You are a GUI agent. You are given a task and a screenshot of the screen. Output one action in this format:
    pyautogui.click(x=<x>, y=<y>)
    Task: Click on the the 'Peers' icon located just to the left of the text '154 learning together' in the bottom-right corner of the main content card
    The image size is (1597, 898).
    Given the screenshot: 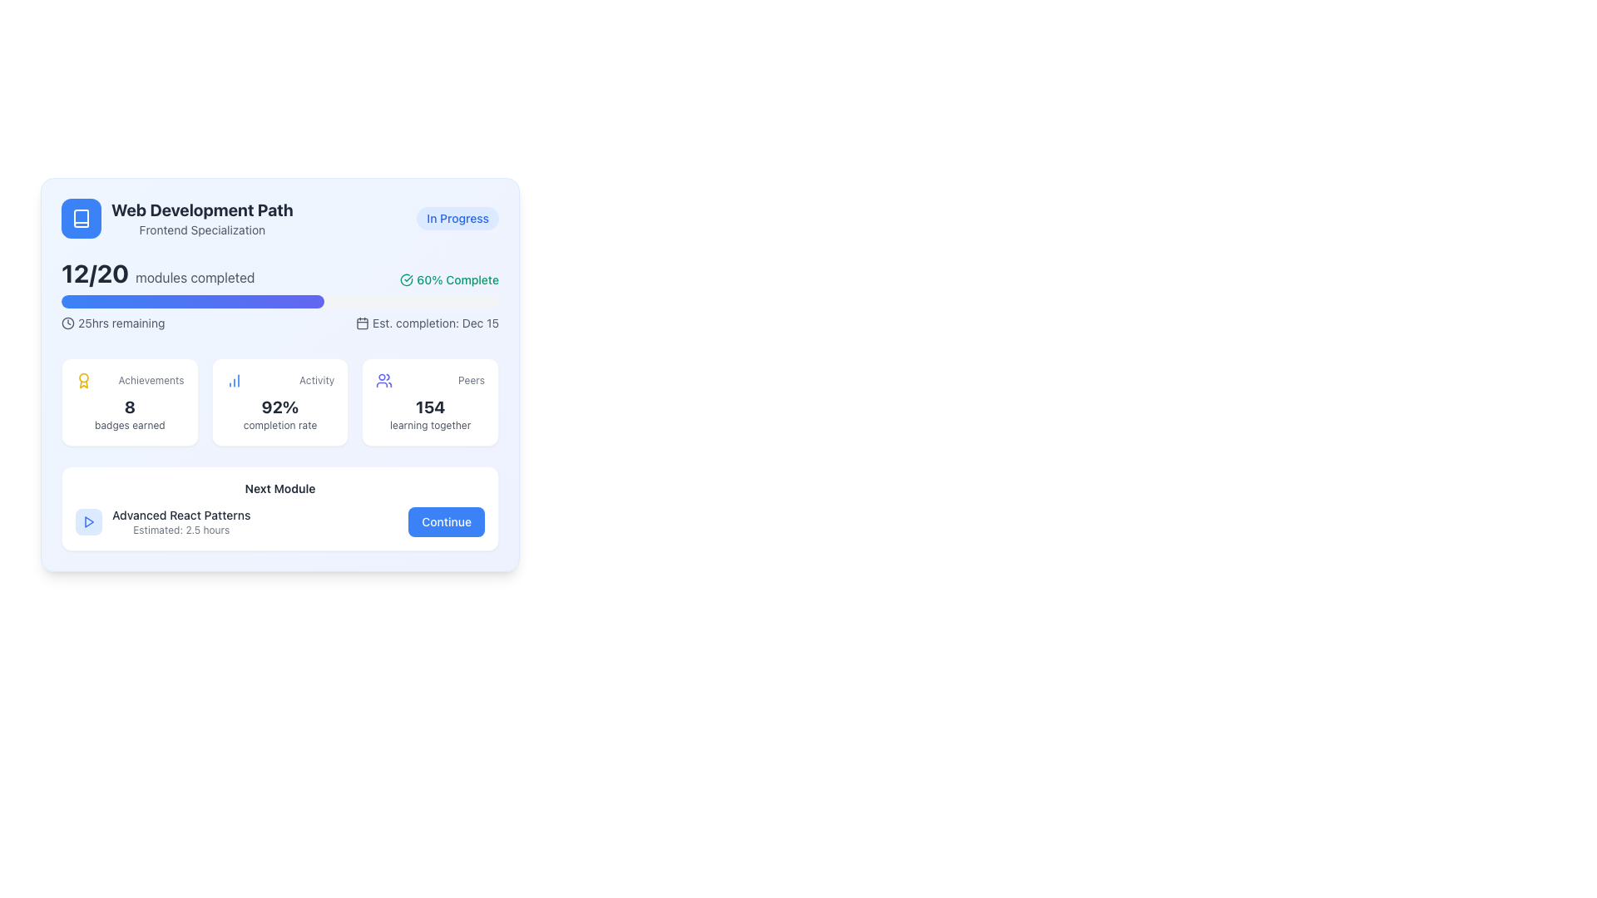 What is the action you would take?
    pyautogui.click(x=383, y=381)
    